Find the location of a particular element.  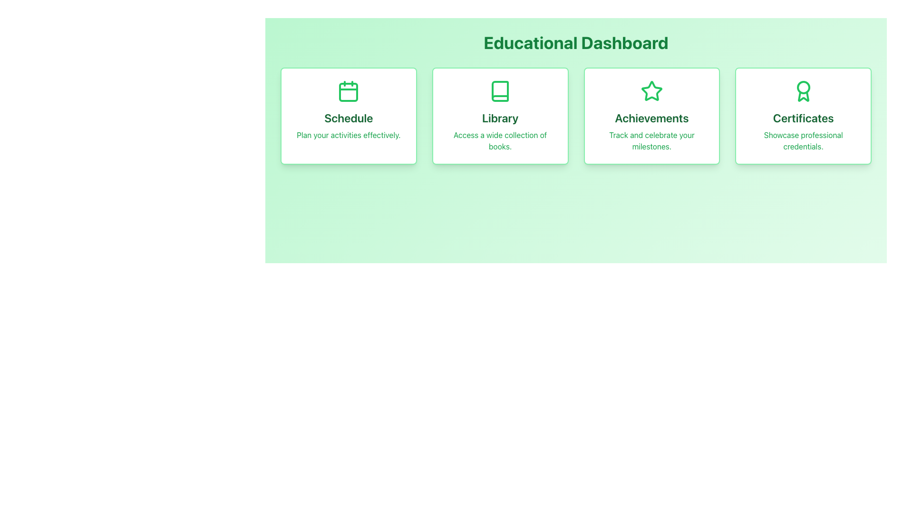

the green outline award ribbon icon located at the top of the 'Certificates' card, which is centered above the 'Certificates' title text is located at coordinates (803, 91).